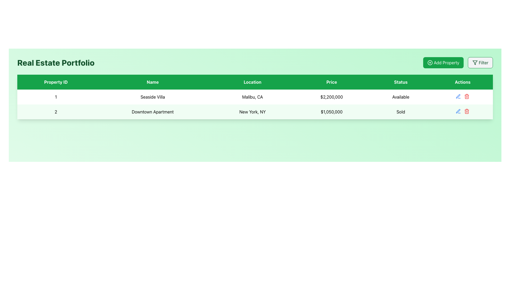 This screenshot has height=287, width=511. I want to click on the label displaying the property name located in the second row of the table, specifically in the 'Name' column adjacent to the '2' in the 'Property ID' column and 'New York, NY' in the 'Location' column, so click(152, 111).